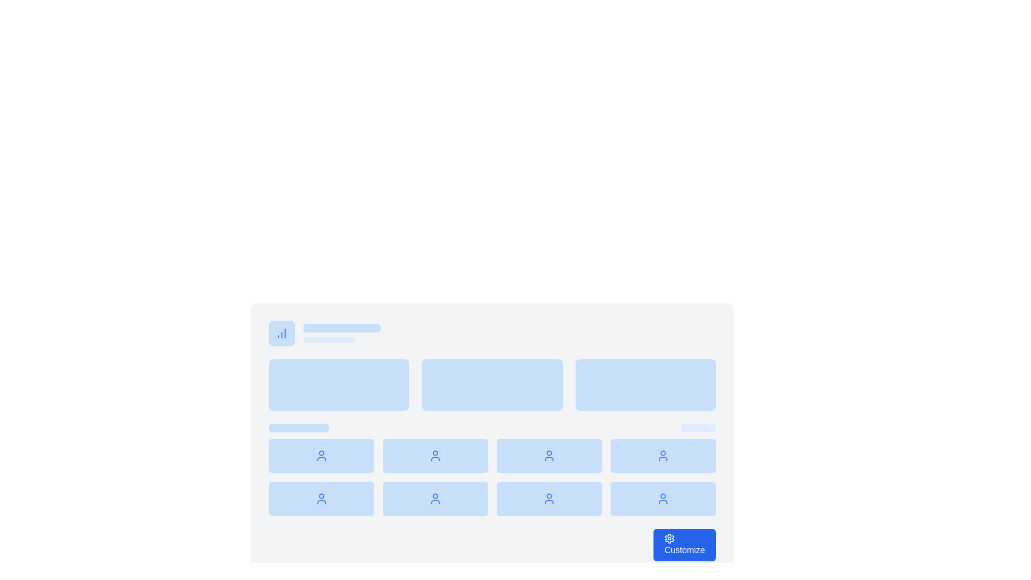 This screenshot has width=1031, height=580. I want to click on the animation of the blue rectangular placeholder tile with a user icon, located in the second row and second column of the grid layout, so click(435, 455).